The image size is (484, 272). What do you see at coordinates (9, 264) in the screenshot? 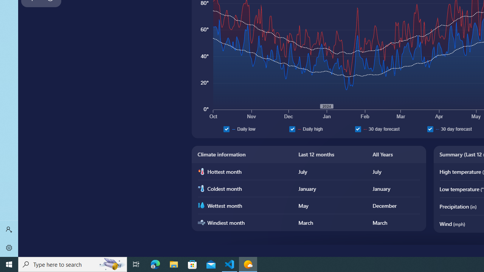
I see `'Start'` at bounding box center [9, 264].